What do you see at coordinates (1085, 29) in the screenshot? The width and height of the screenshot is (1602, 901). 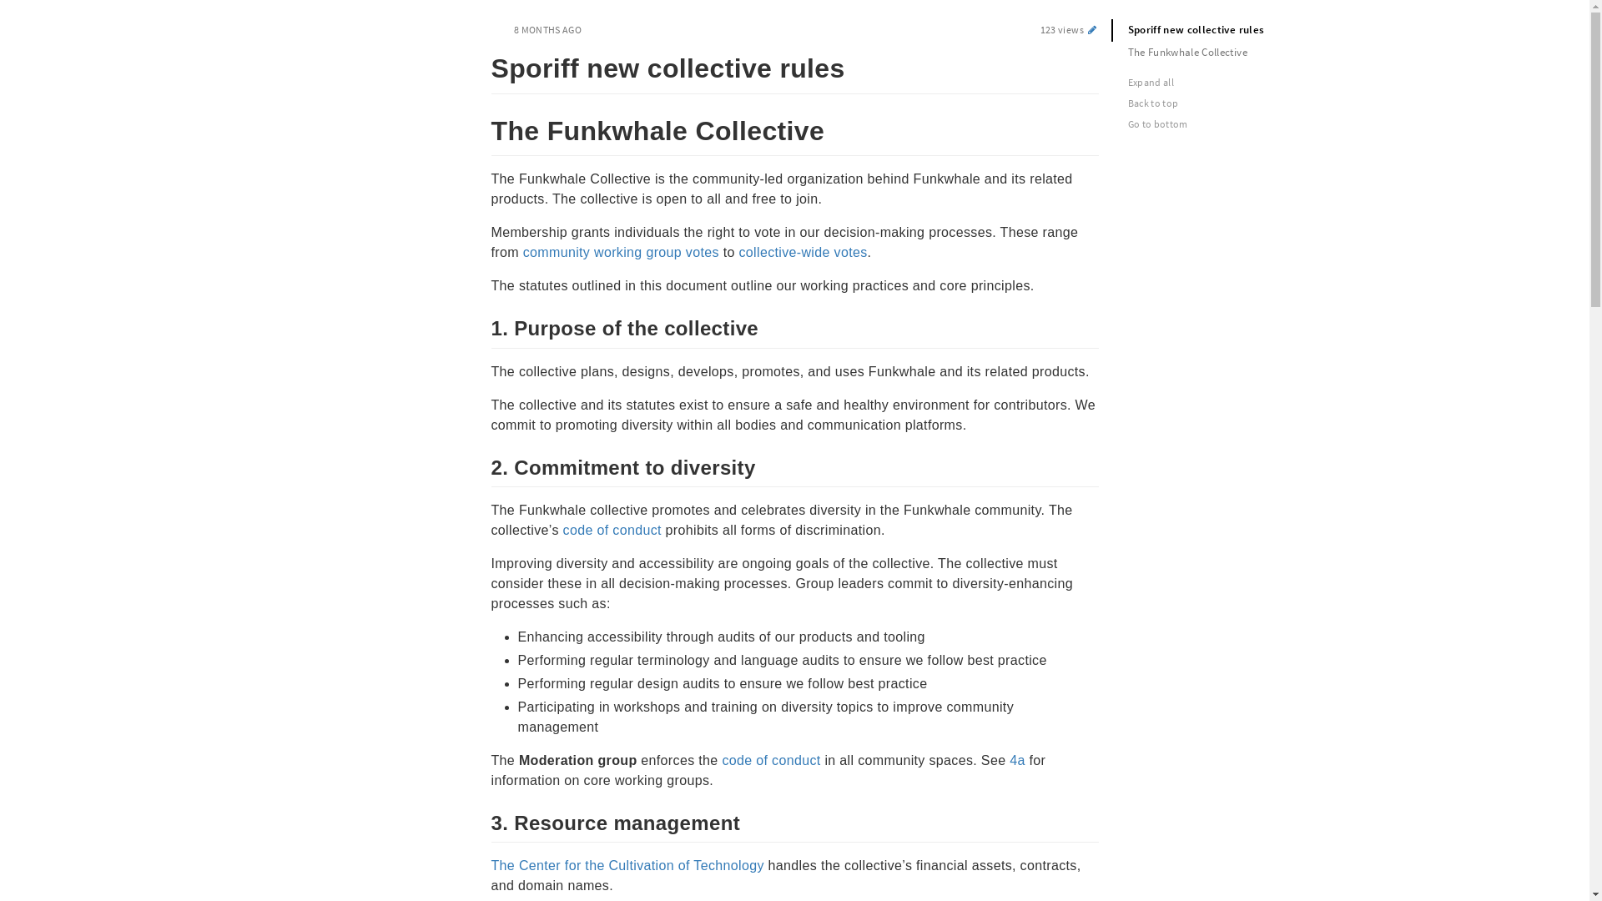 I see `'Edit this note'` at bounding box center [1085, 29].